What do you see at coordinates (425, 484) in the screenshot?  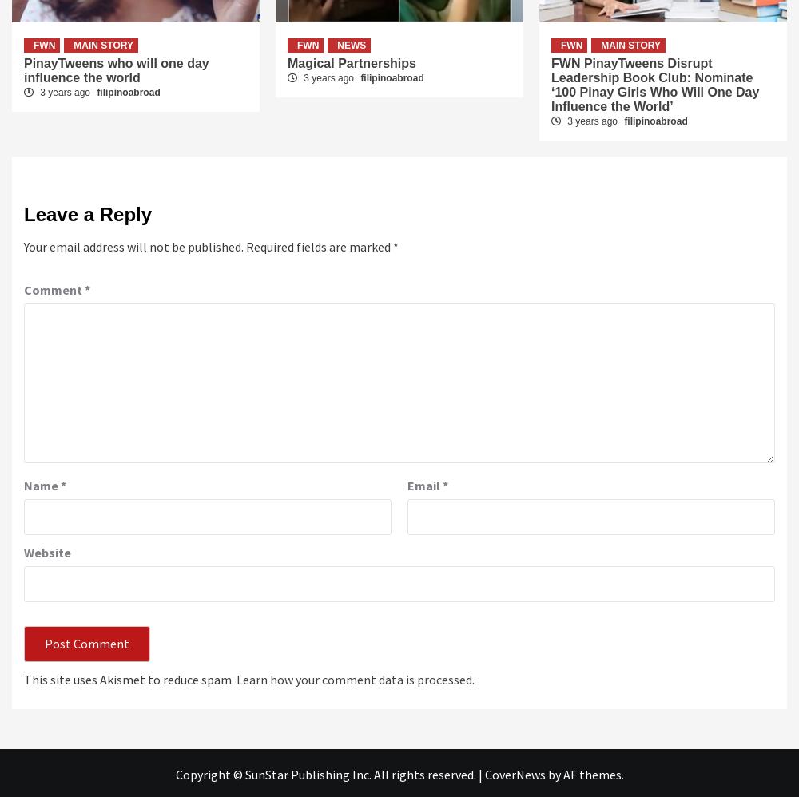 I see `'Email'` at bounding box center [425, 484].